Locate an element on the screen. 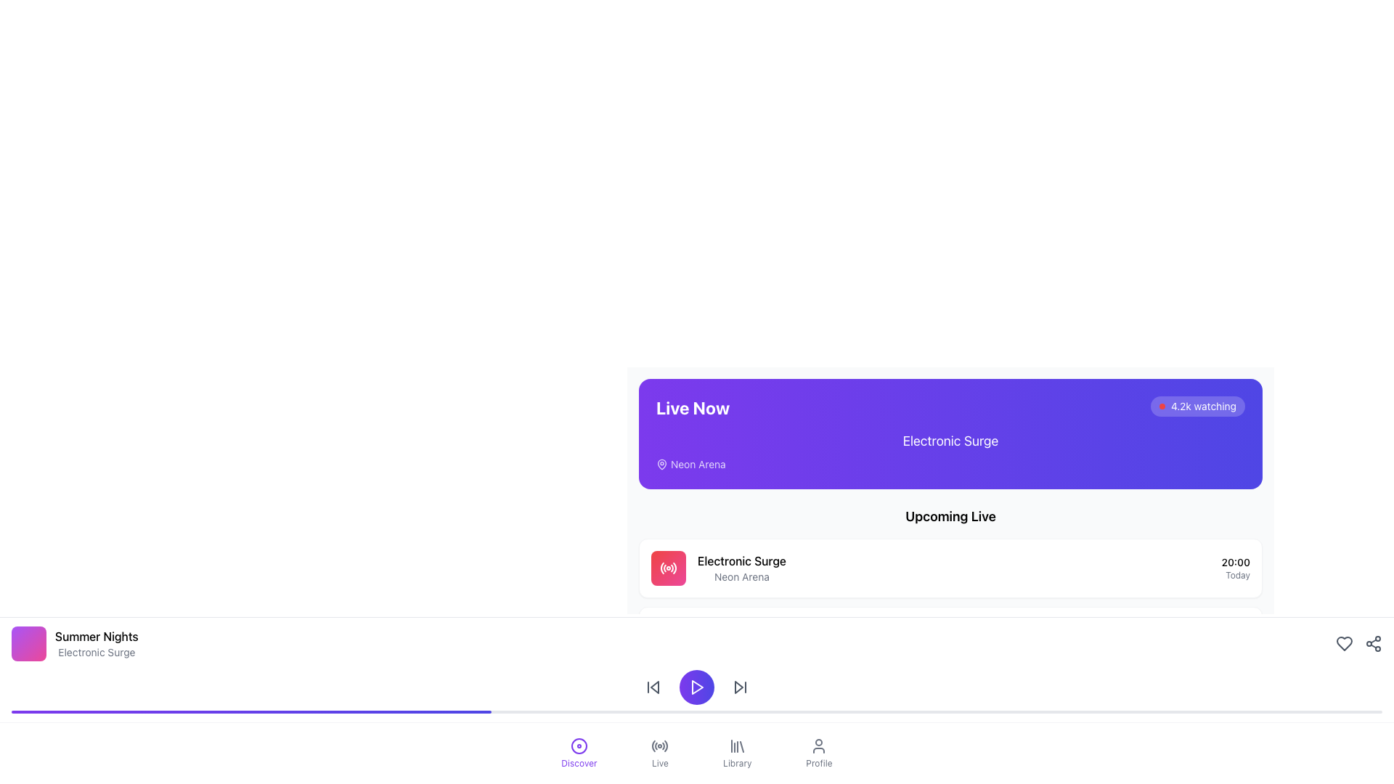 The image size is (1394, 784). the 'Rock Legends' event card, which is the third card in a vertical list of event cards, featuring a white background and rounded corners is located at coordinates (950, 704).